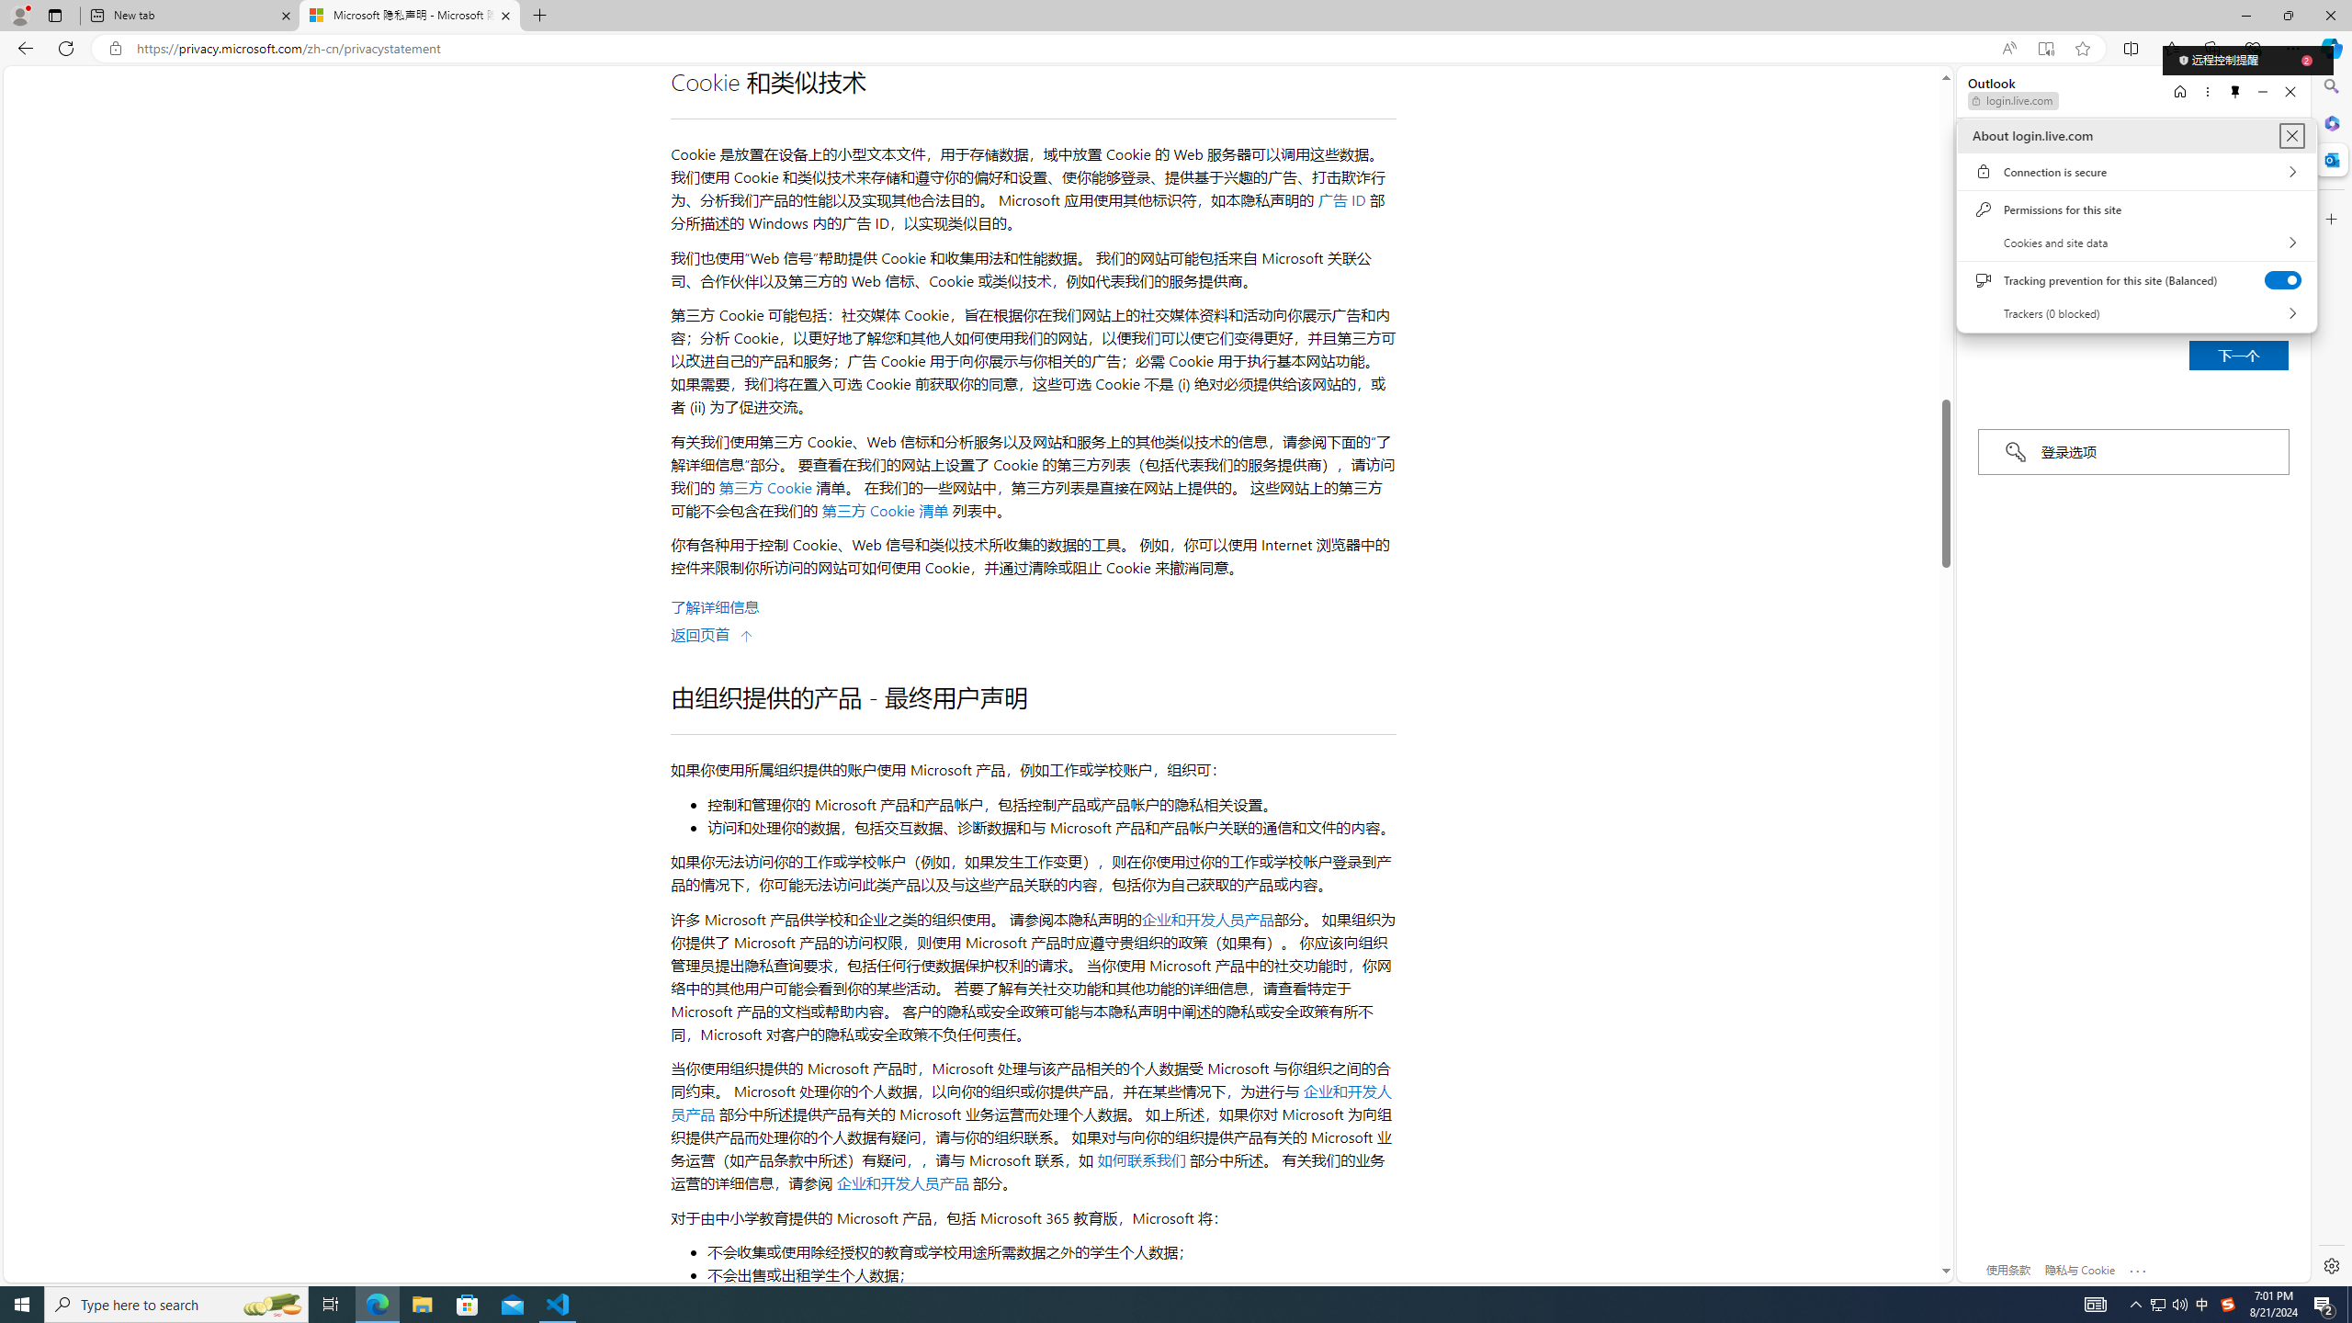 This screenshot has height=1323, width=2352. What do you see at coordinates (2135, 312) in the screenshot?
I see `'Trackers (0 blocked)'` at bounding box center [2135, 312].